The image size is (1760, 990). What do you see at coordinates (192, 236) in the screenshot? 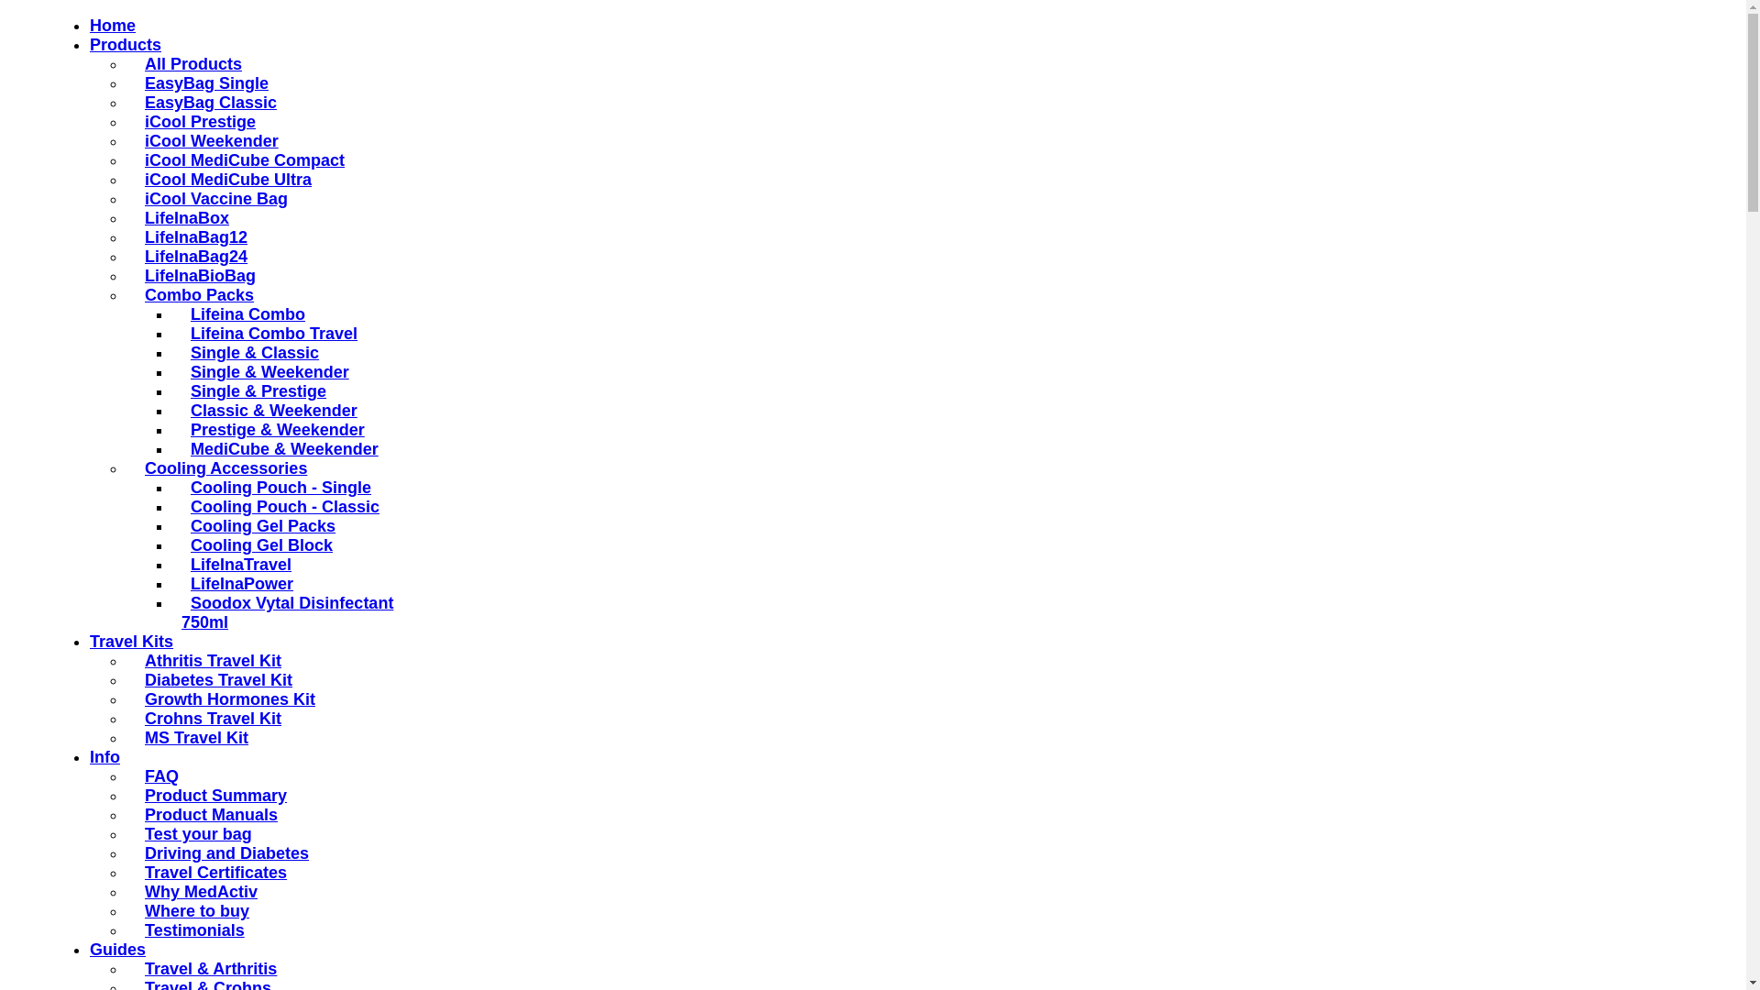
I see `'LifeInaBag12'` at bounding box center [192, 236].